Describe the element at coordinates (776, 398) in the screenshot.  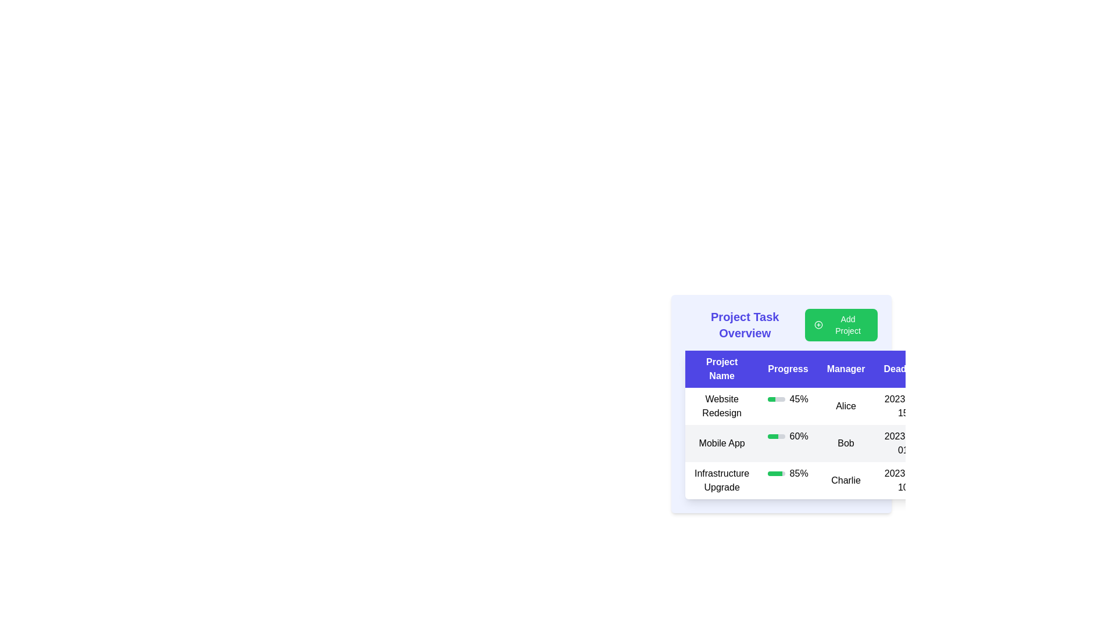
I see `the progress bar indicating 45% completion for the 'Website Redesign' project located in the 'Progress' column of the table` at that location.